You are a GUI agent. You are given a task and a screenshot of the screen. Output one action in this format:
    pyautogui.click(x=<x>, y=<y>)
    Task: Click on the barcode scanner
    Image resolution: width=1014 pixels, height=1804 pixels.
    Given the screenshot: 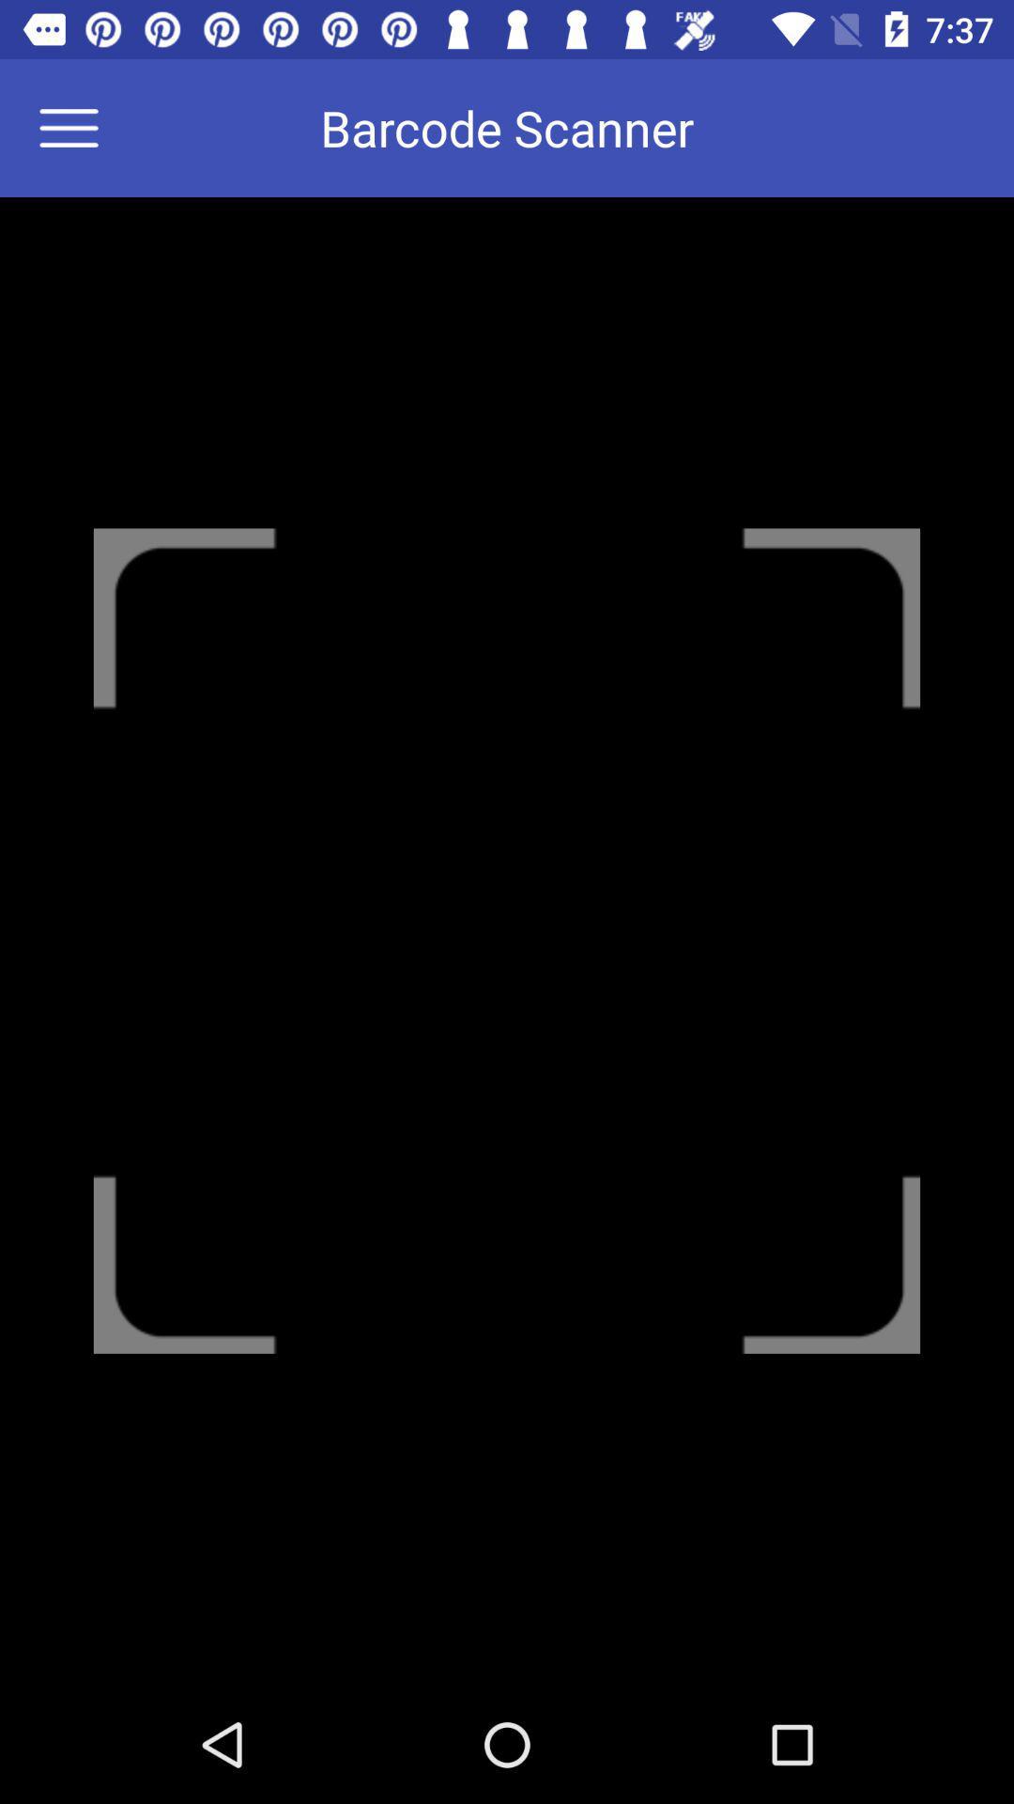 What is the action you would take?
    pyautogui.click(x=80, y=127)
    